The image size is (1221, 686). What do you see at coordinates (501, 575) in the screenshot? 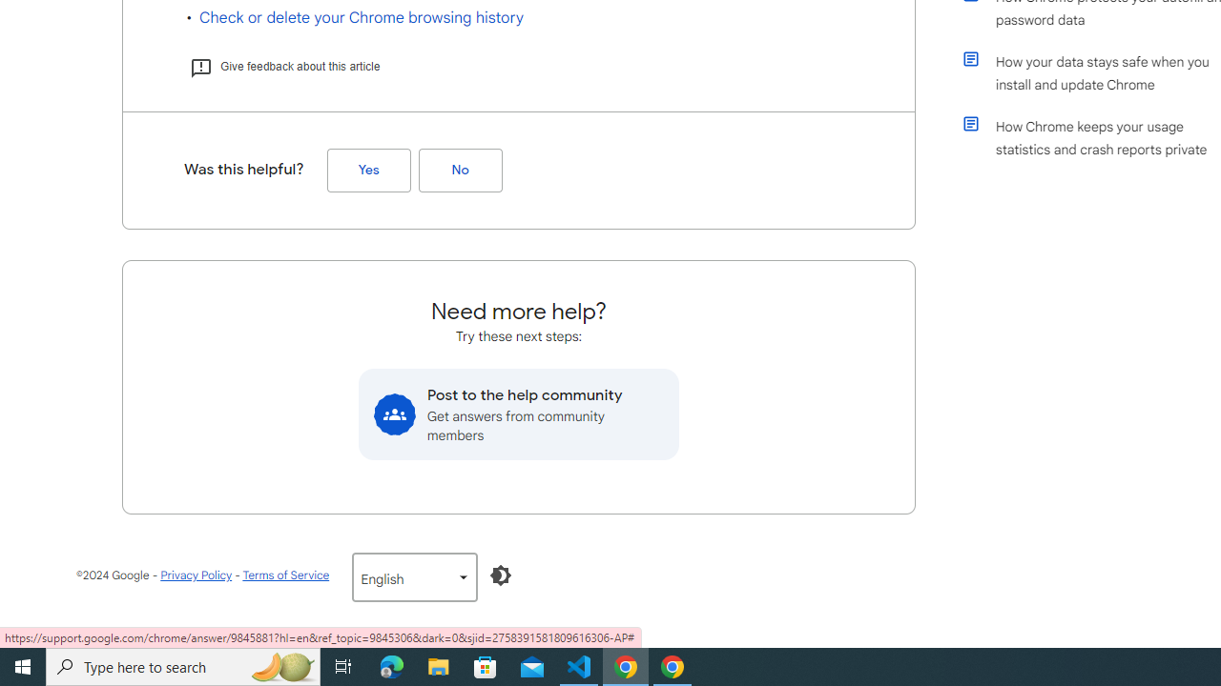
I see `'Enable Dark Mode'` at bounding box center [501, 575].